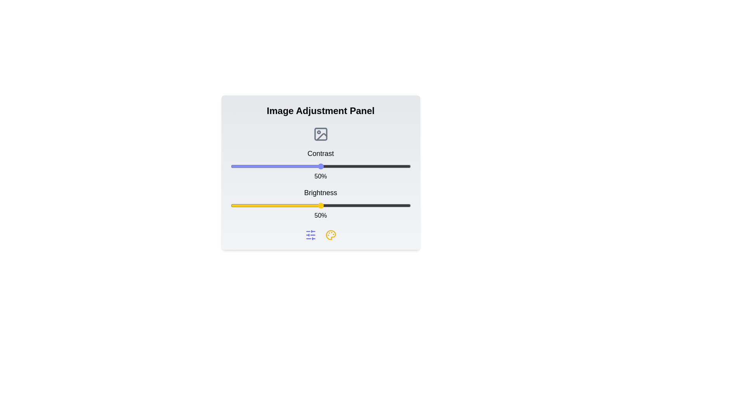 The image size is (745, 419). I want to click on the contrast slider to 52%, so click(324, 166).